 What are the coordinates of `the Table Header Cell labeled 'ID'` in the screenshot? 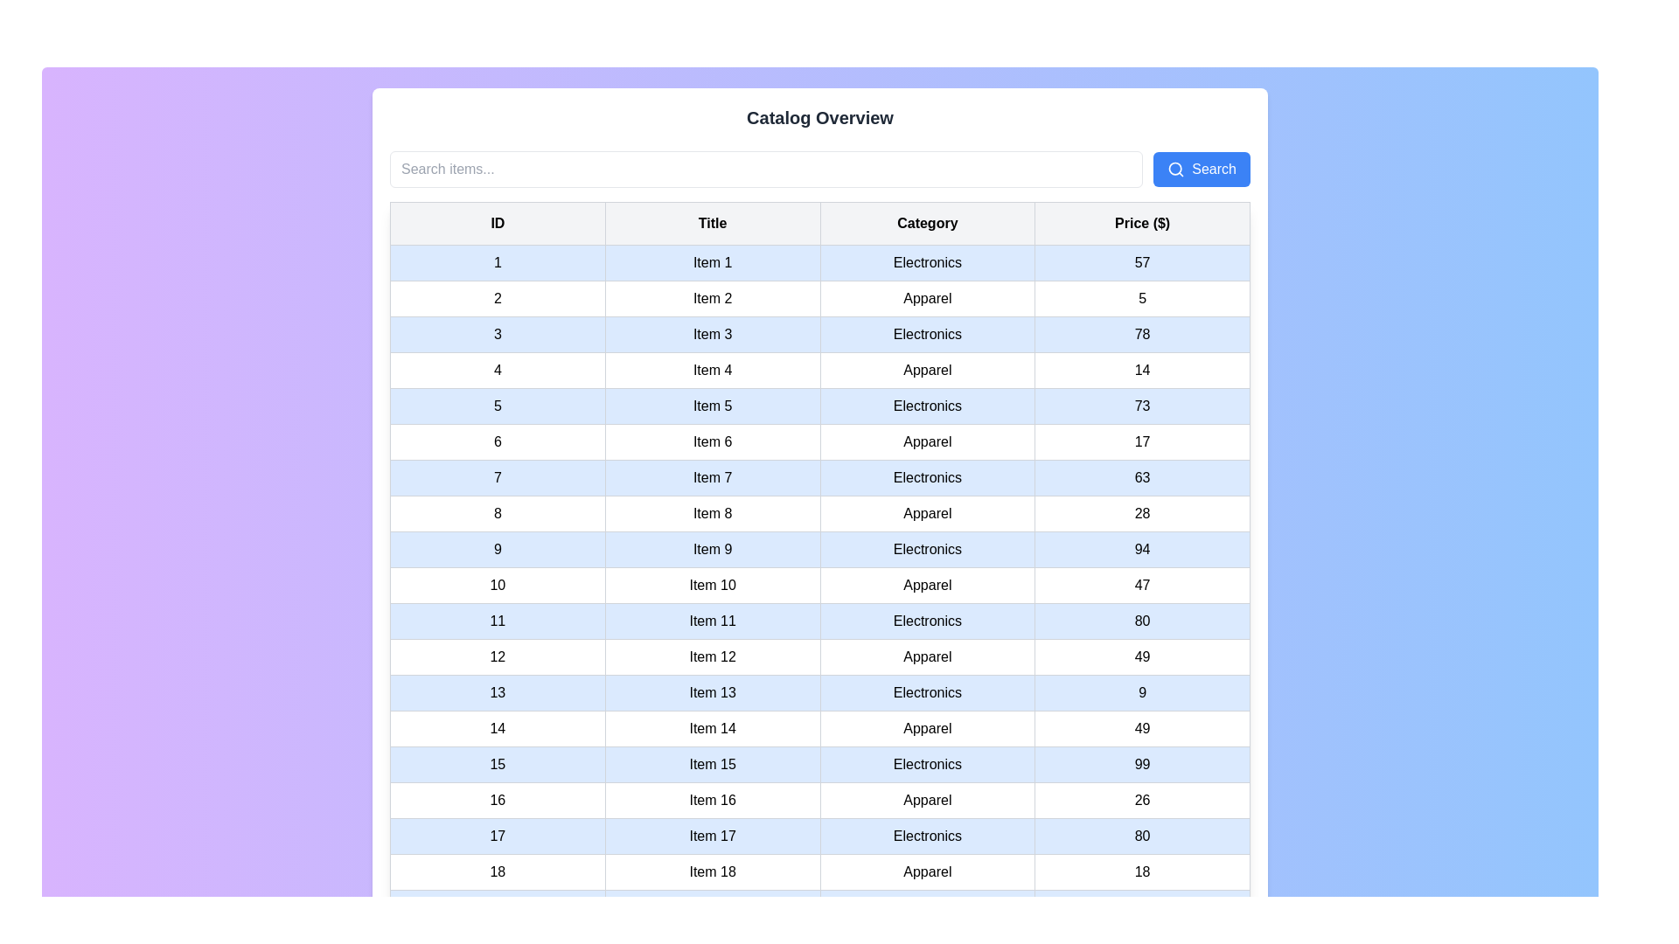 It's located at (497, 222).